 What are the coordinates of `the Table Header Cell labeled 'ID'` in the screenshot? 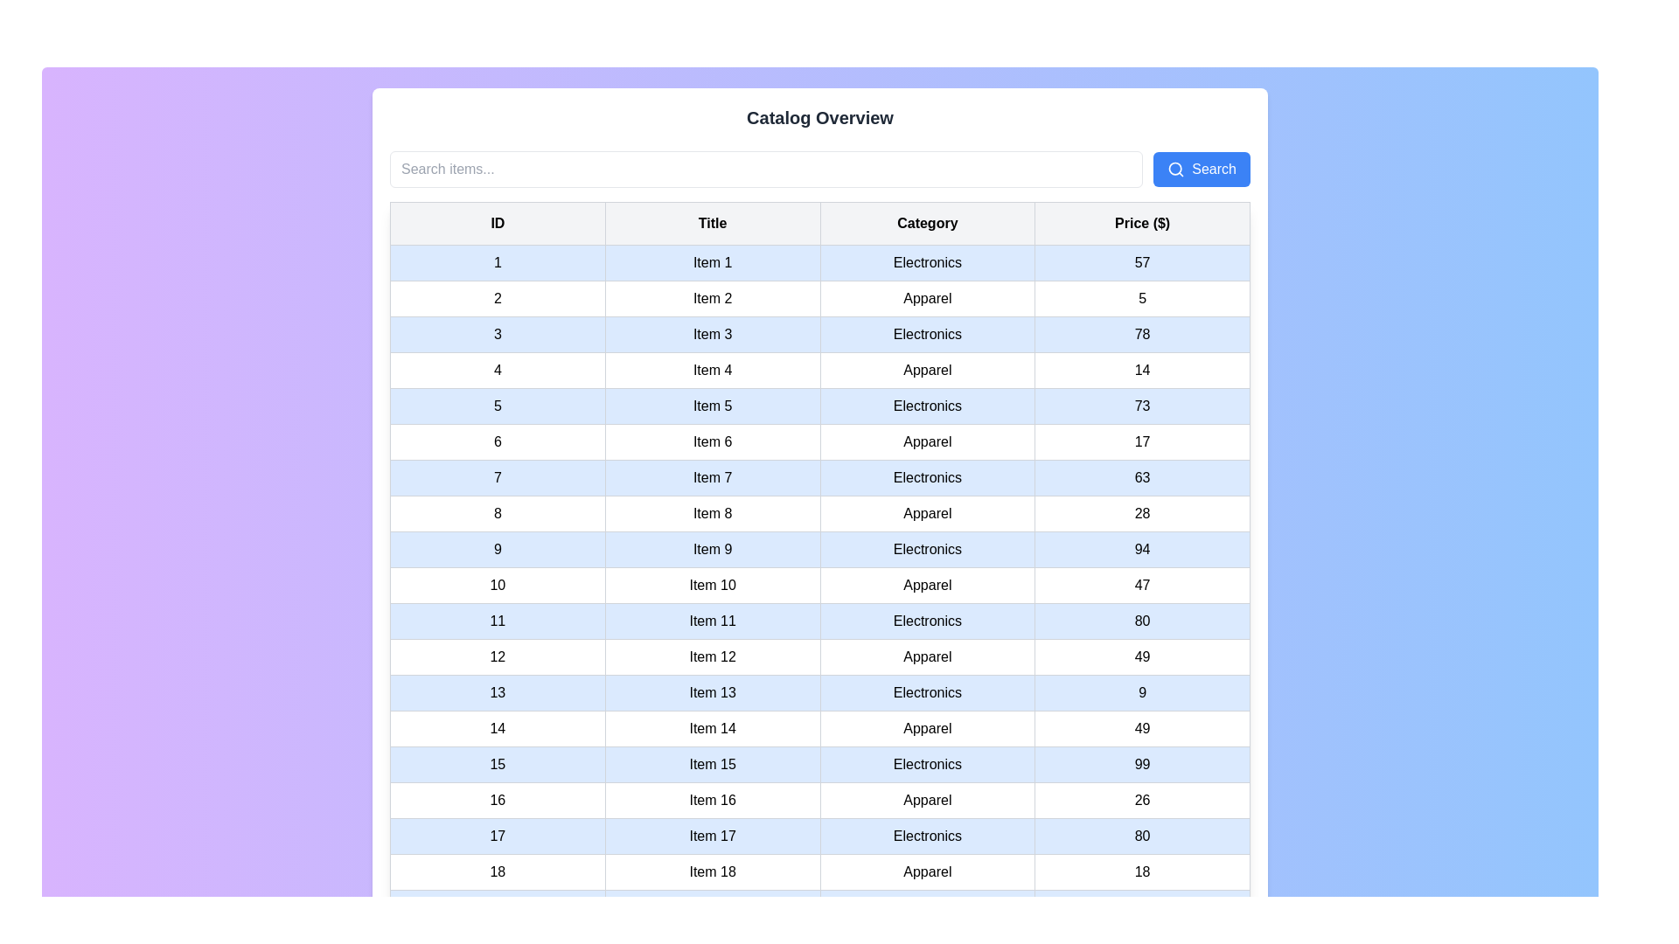 It's located at (497, 222).